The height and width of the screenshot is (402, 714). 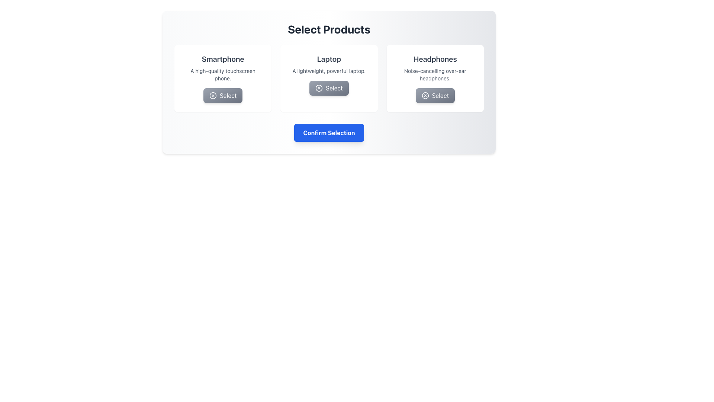 I want to click on the rectangular blue button with rounded corners and white bold text that reads 'Confirm Selection' to change its background color, so click(x=328, y=133).